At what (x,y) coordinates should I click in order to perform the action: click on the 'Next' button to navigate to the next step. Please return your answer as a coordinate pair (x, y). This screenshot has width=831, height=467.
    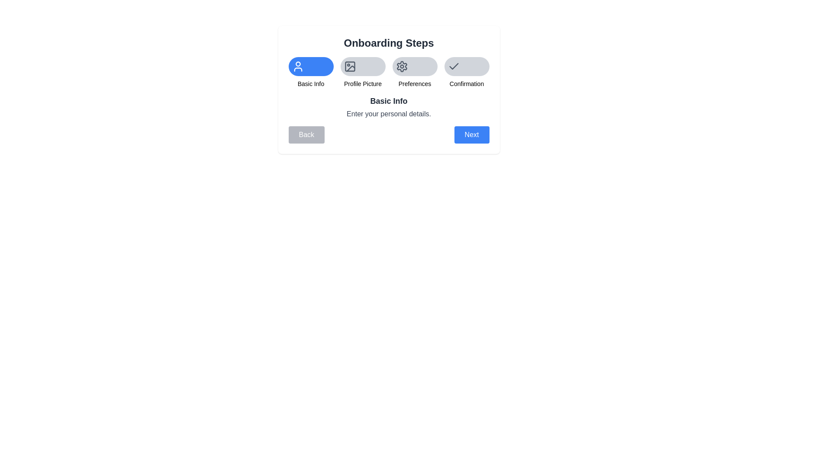
    Looking at the image, I should click on (471, 135).